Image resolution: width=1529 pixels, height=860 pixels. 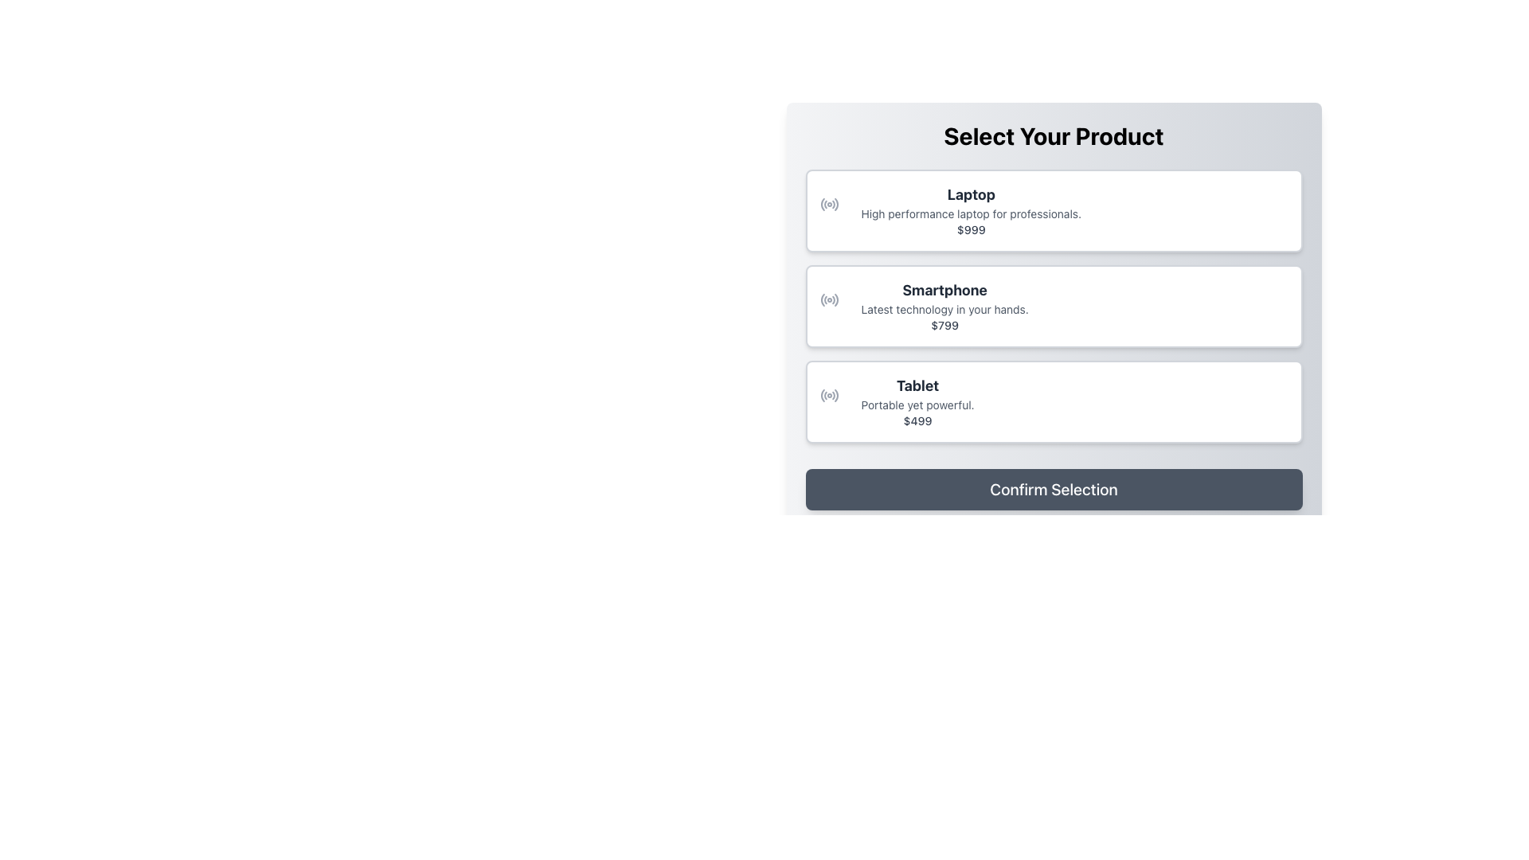 What do you see at coordinates (832, 395) in the screenshot?
I see `the decorative graphical element of the radio wave symbol that enhances the design of the 'Tablet' product entry, located to the left of the third product entry in the selection list` at bounding box center [832, 395].